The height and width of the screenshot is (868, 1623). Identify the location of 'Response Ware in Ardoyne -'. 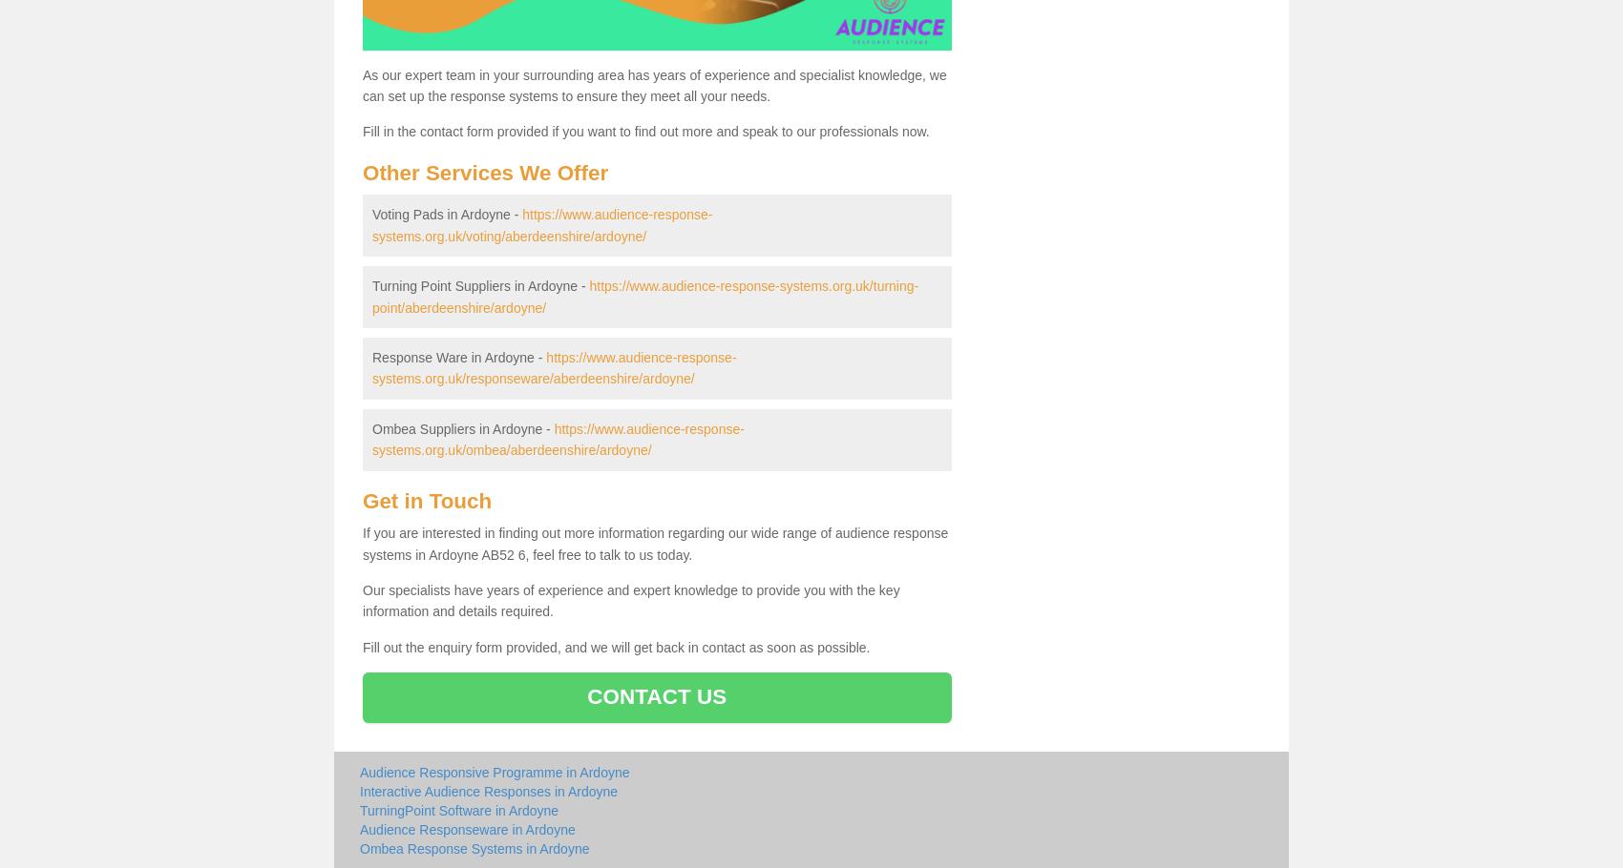
(458, 357).